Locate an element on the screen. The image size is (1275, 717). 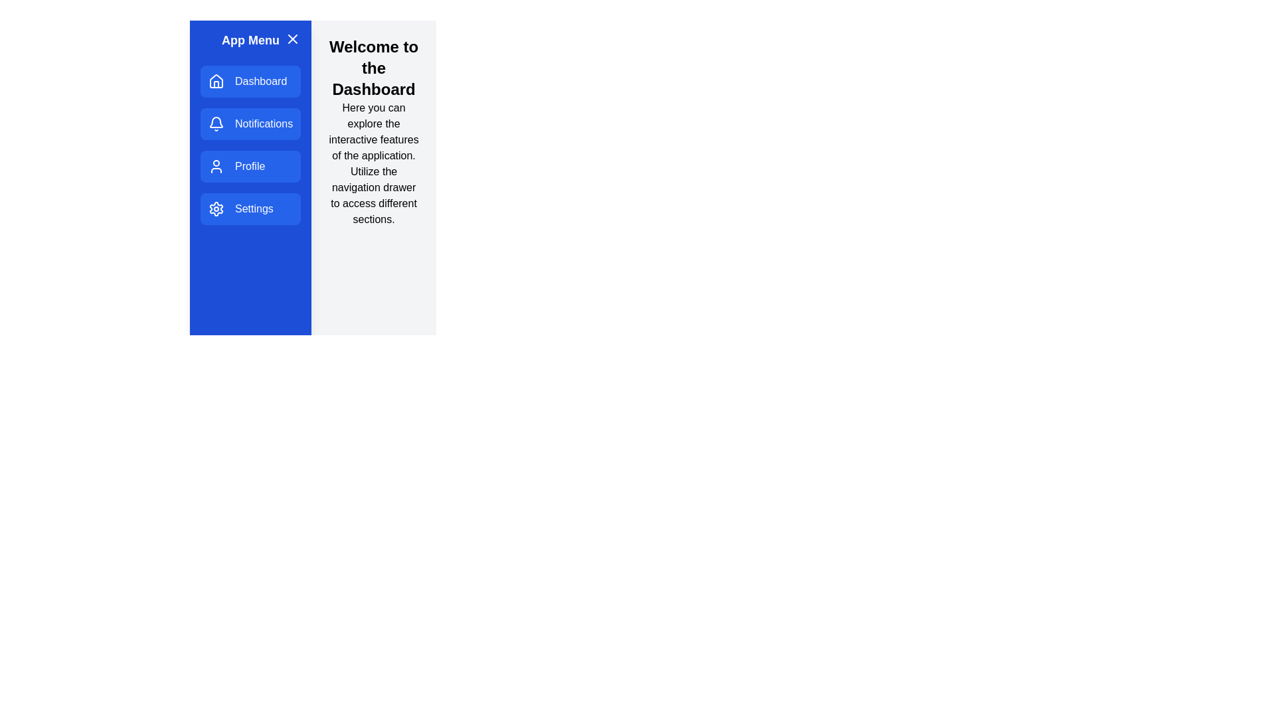
the 'Dashboard' text label in the top menu of the vertical navigation sidebar for visual feedback is located at coordinates (261, 82).